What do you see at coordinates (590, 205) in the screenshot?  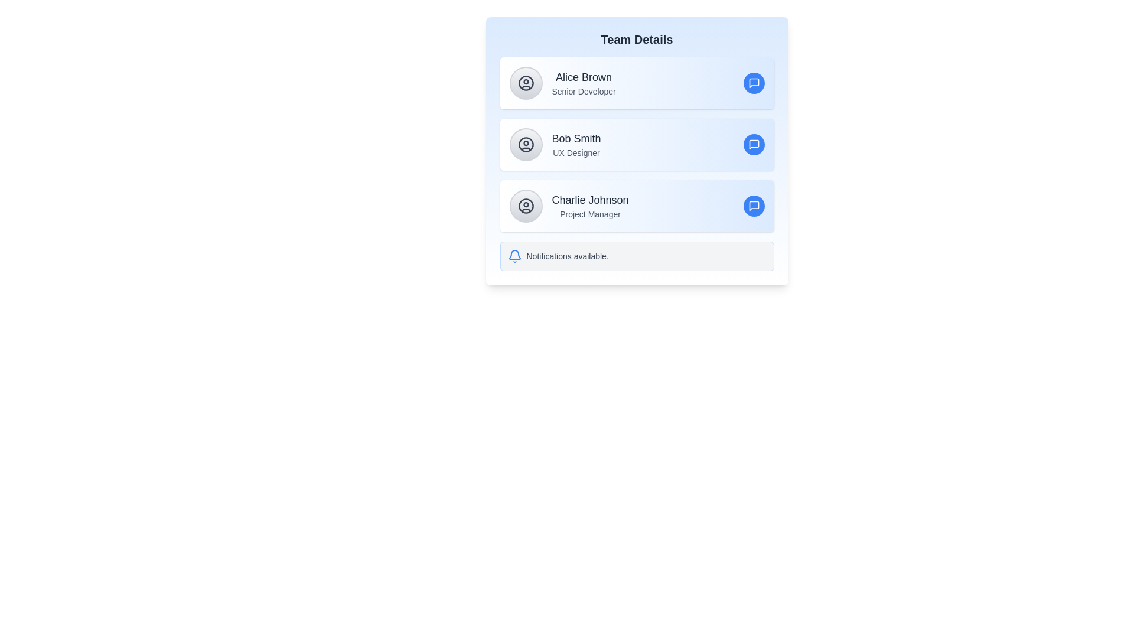 I see `the text display for 'Charlie Johnson', a team member card styled with a medium-sized bold dark gray font and a light blue gradient background, located within the 'Team Details' panel` at bounding box center [590, 205].